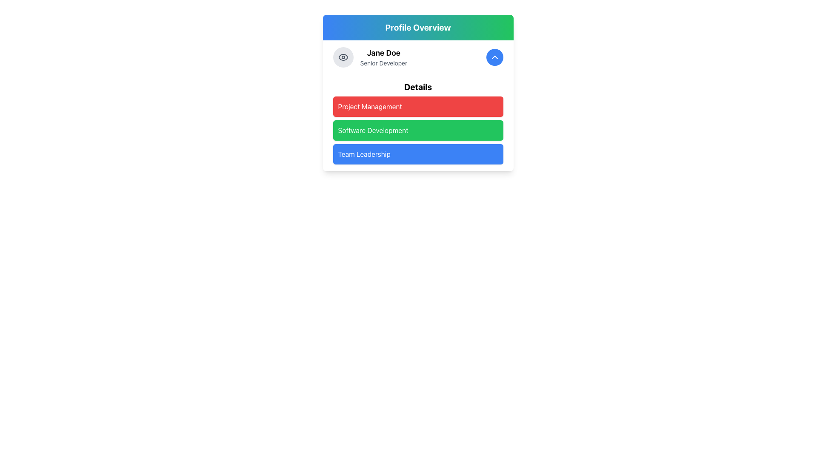 The image size is (817, 459). I want to click on the text label providing a subtitle to the name 'Jane Doe' in the profile card, so click(383, 63).